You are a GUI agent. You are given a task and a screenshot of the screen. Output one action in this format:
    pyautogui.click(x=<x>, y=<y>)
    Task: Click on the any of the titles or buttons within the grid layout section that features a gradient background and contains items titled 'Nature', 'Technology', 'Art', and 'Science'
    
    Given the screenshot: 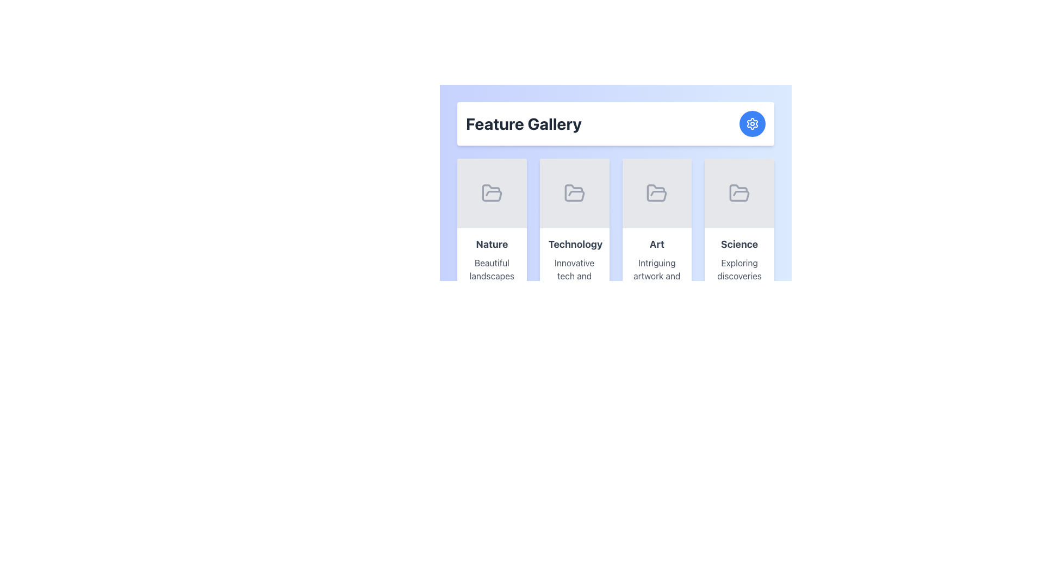 What is the action you would take?
    pyautogui.click(x=616, y=253)
    